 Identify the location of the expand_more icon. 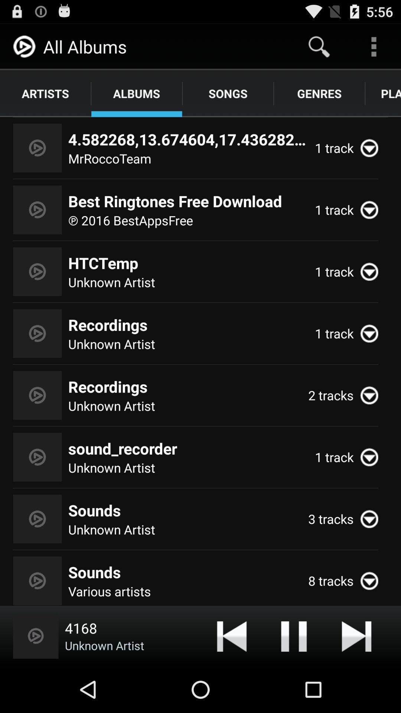
(372, 158).